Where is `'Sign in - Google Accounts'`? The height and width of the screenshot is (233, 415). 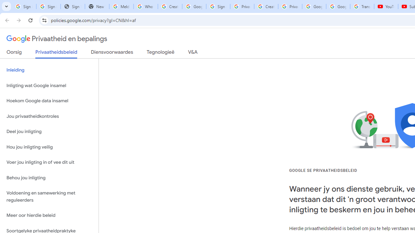 'Sign in - Google Accounts' is located at coordinates (218, 6).